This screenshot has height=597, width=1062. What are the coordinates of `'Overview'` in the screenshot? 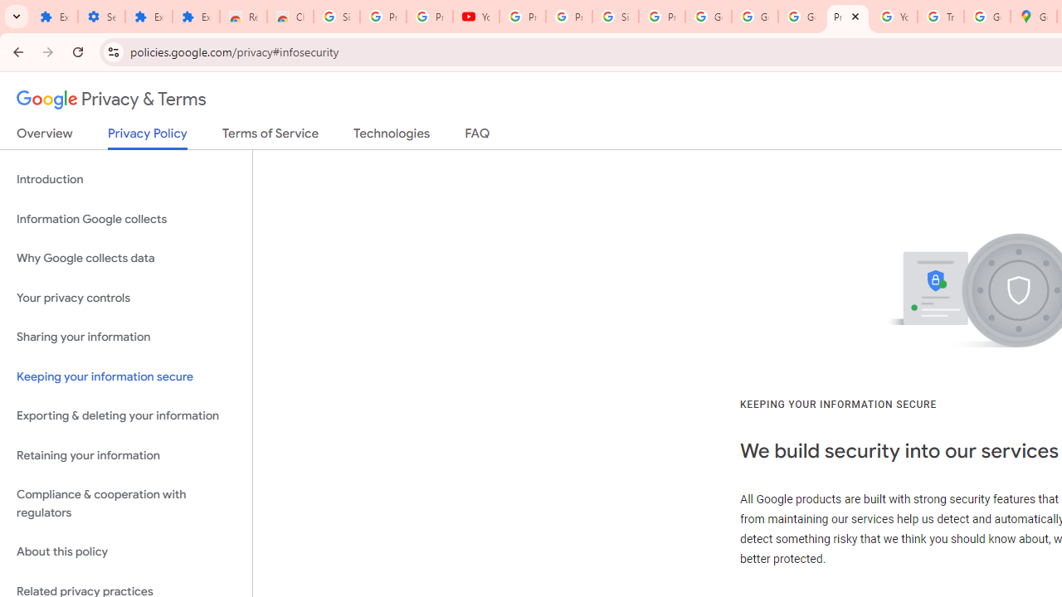 It's located at (45, 136).